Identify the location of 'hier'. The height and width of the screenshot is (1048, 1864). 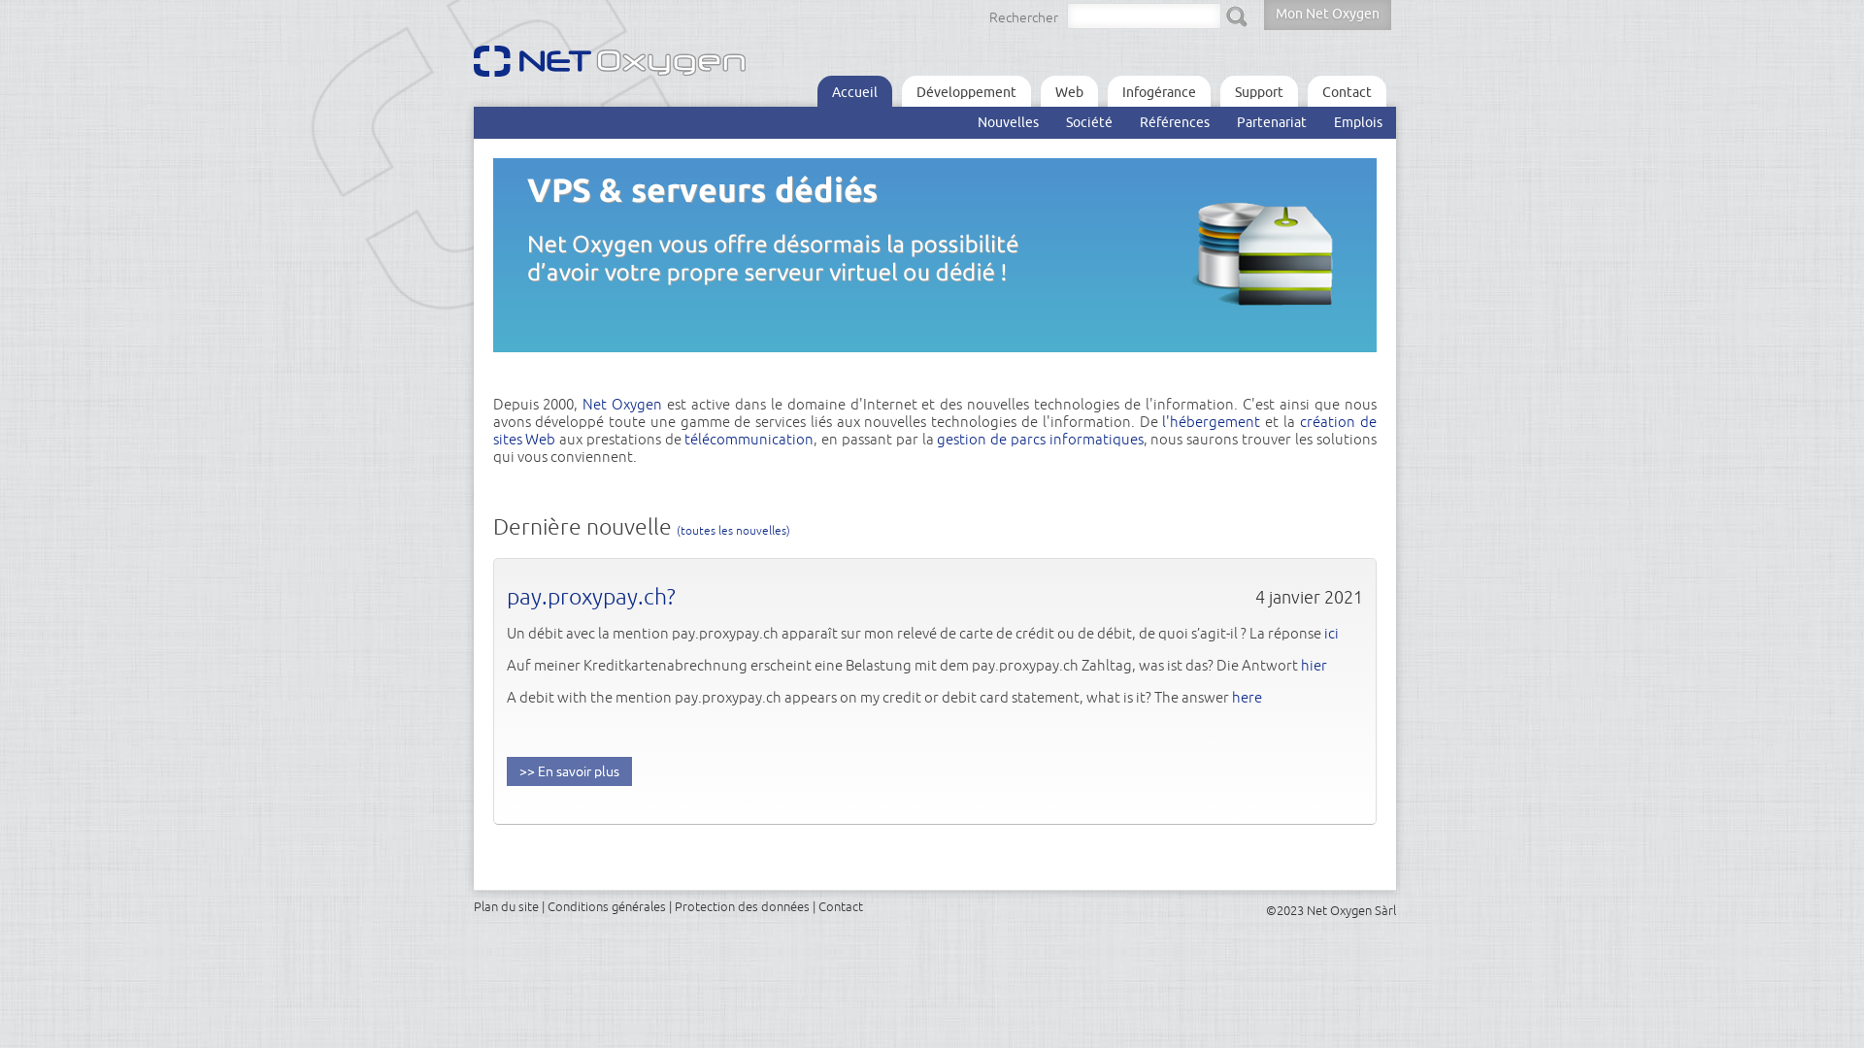
(1314, 664).